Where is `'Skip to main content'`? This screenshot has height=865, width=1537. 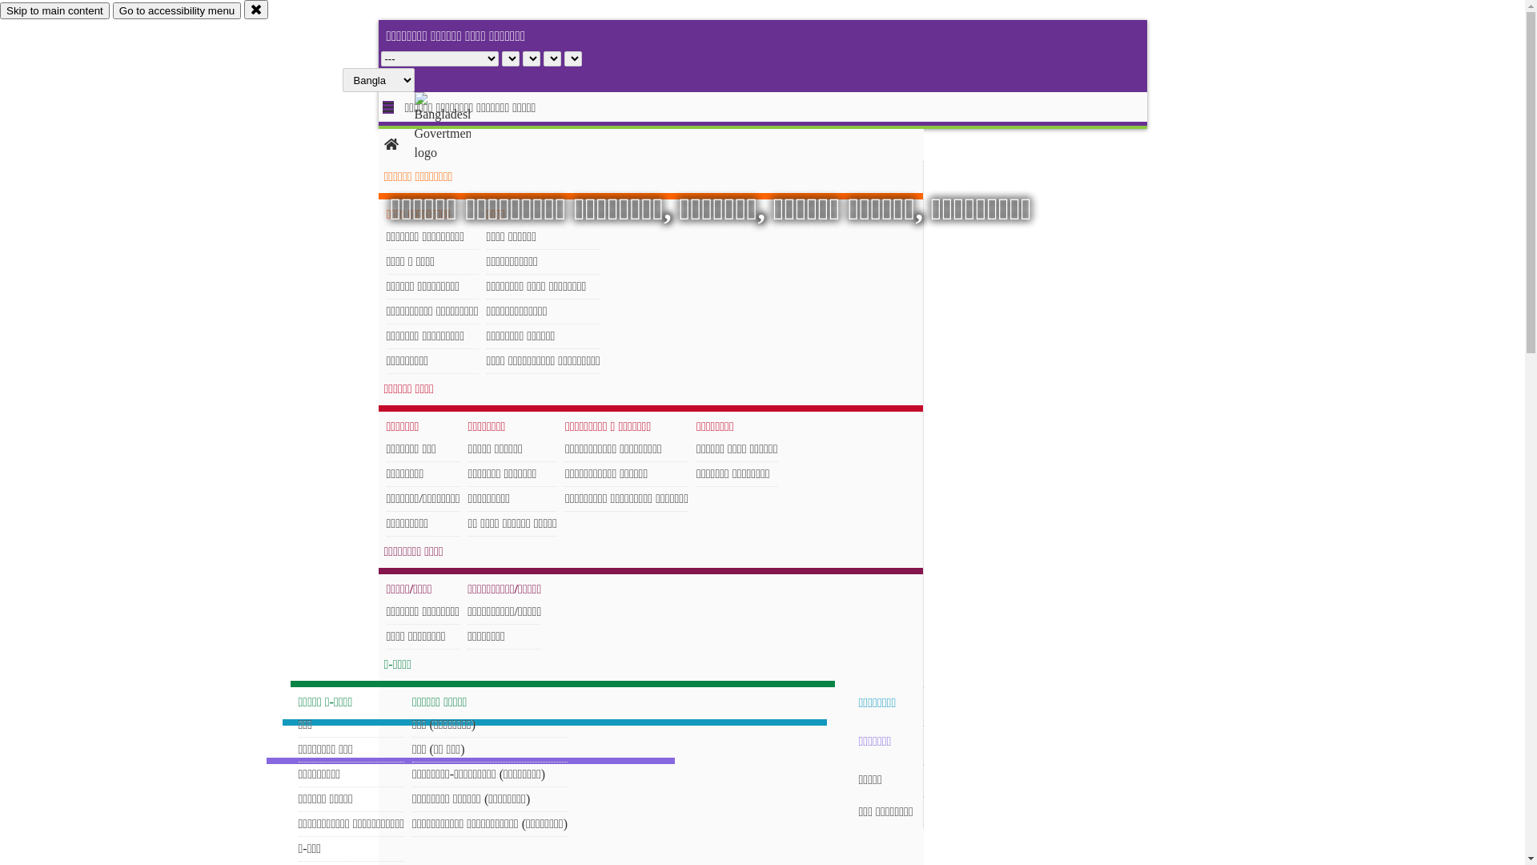 'Skip to main content' is located at coordinates (0, 10).